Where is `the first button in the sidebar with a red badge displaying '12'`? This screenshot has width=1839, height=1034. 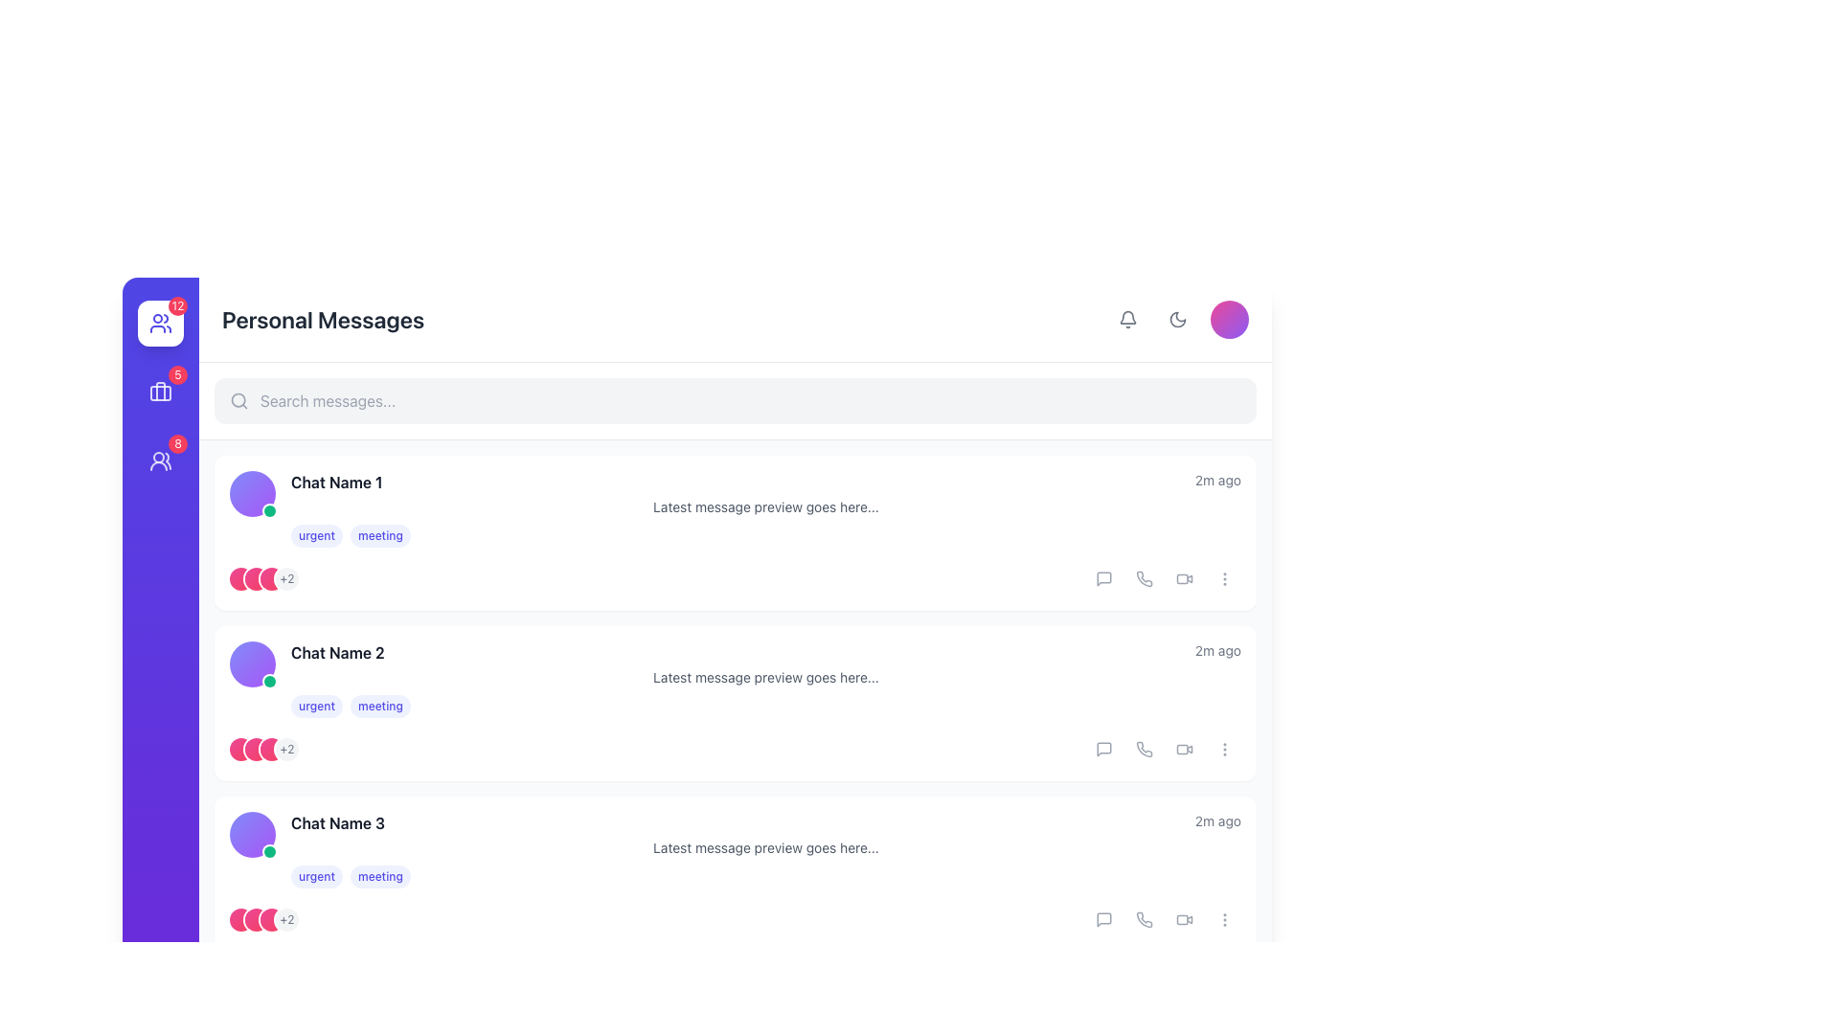
the first button in the sidebar with a red badge displaying '12' is located at coordinates (161, 323).